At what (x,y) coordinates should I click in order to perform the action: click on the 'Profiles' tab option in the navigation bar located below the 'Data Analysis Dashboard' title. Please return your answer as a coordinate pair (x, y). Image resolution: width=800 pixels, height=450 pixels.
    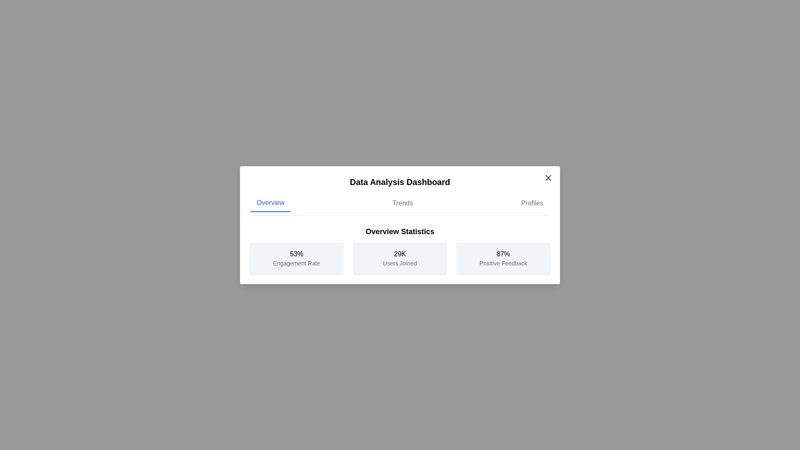
    Looking at the image, I should click on (532, 203).